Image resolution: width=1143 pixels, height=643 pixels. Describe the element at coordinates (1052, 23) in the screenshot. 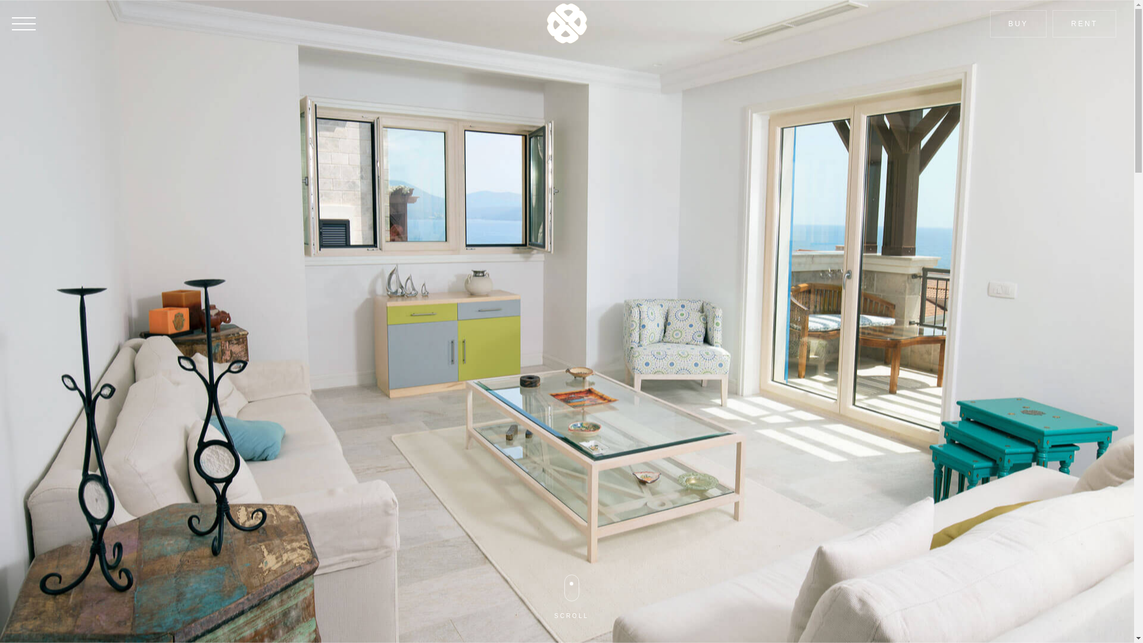

I see `'RENT'` at that location.